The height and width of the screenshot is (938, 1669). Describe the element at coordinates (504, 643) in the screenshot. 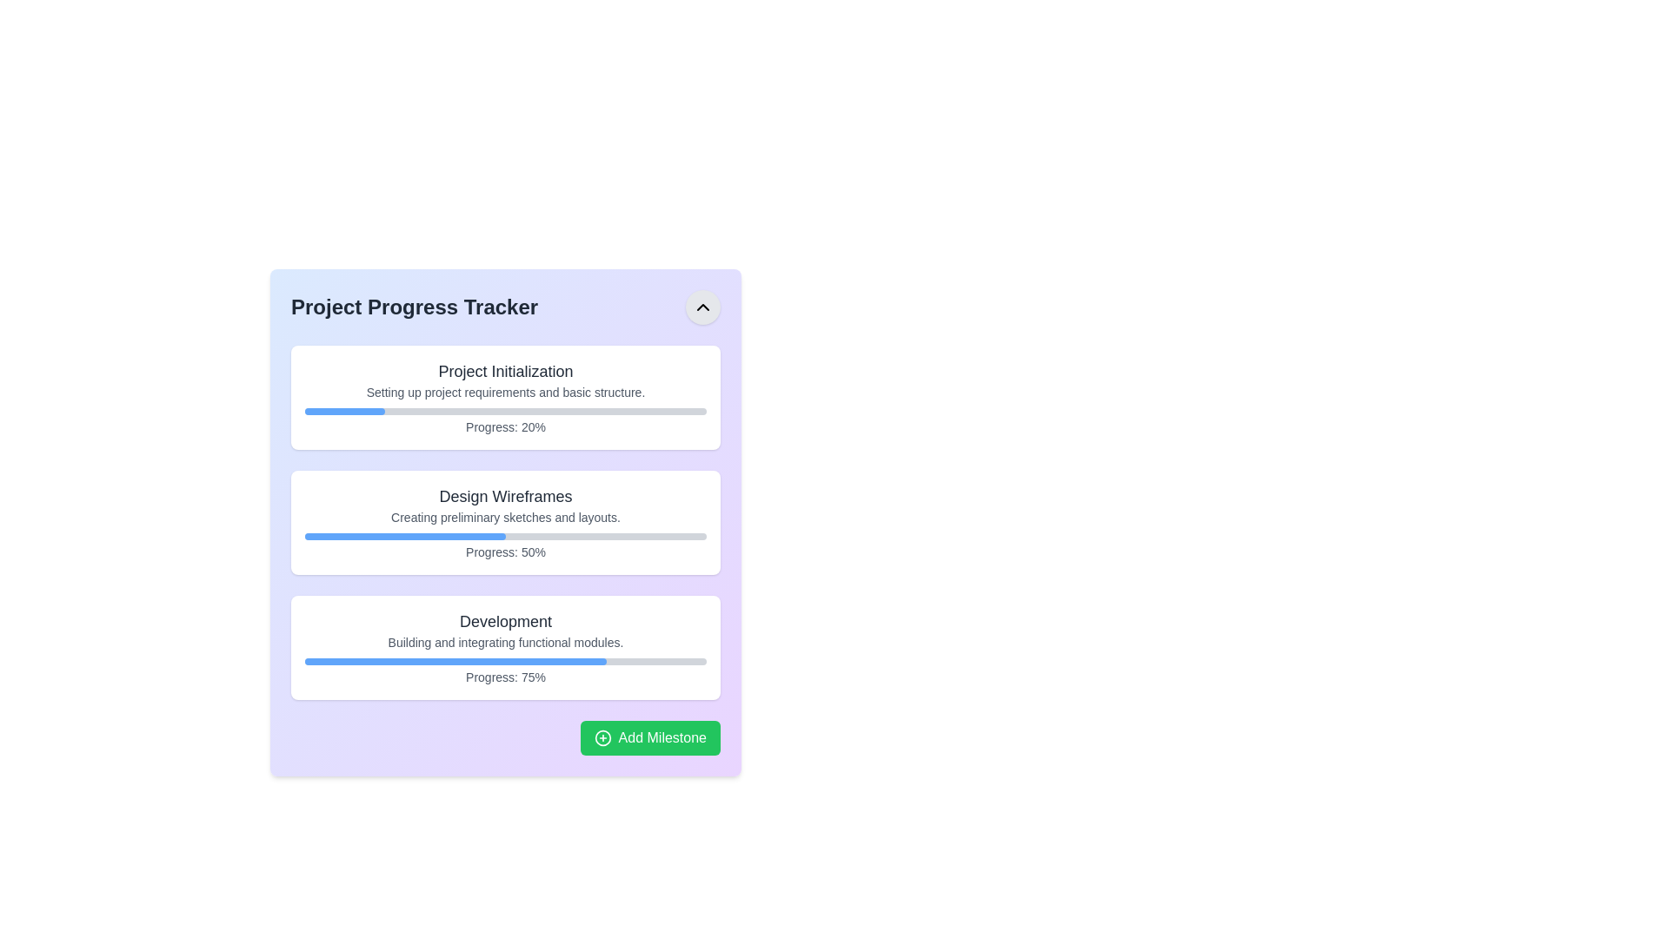

I see `the static text label that provides a brief description related to the 'Development' section, positioned between the header and a progress bar` at that location.